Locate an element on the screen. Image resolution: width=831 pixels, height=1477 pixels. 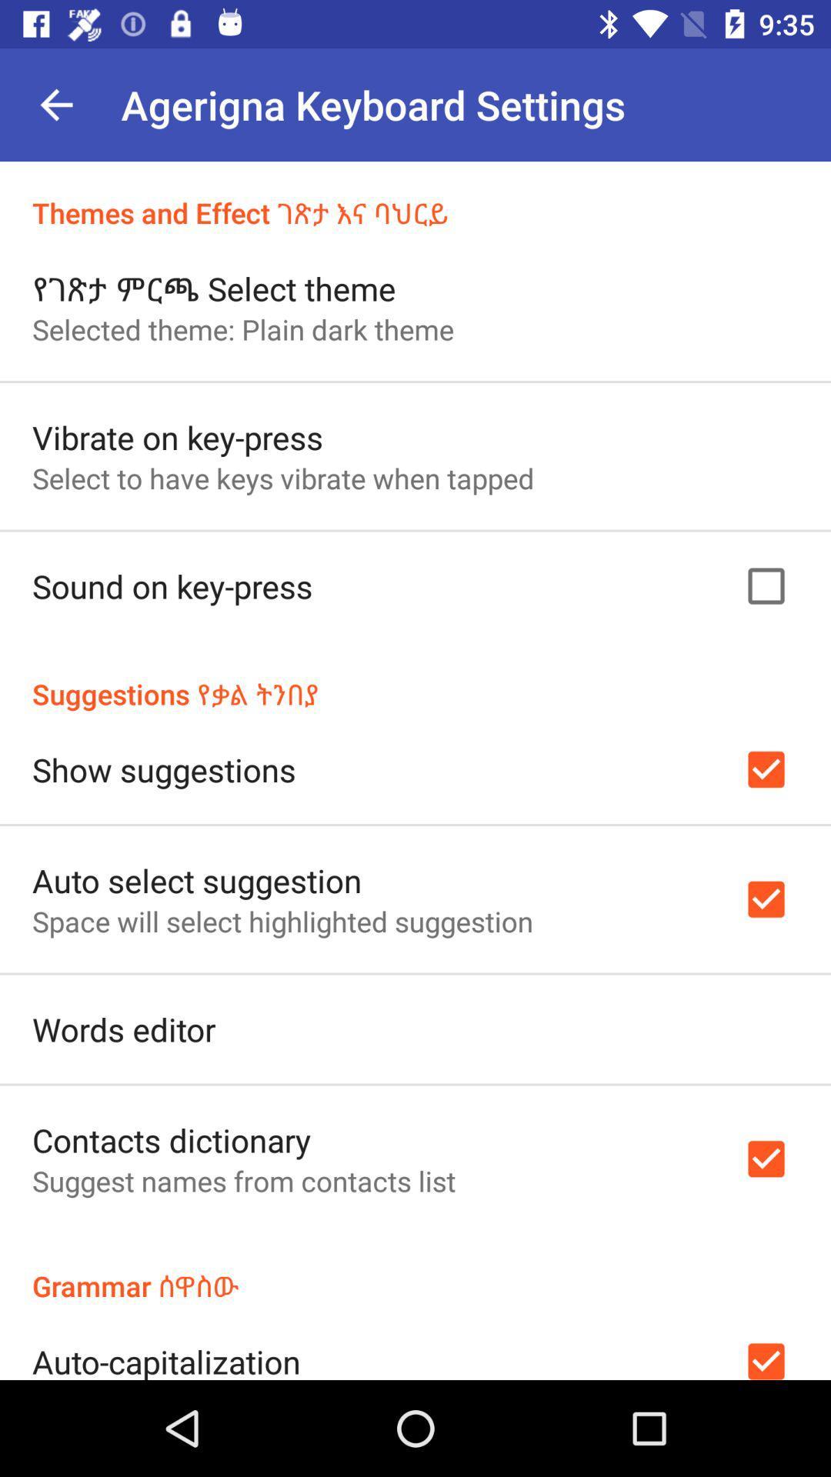
icon above suggest names from item is located at coordinates (172, 1140).